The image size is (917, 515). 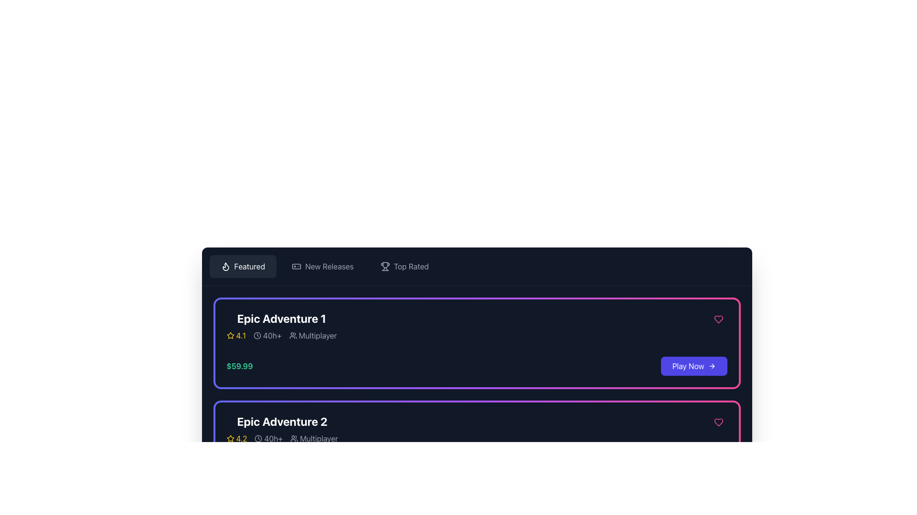 I want to click on the right-pointing arrow icon that is part of the 'Play Now' button, located at the bottom-right corner of the card, so click(x=712, y=365).